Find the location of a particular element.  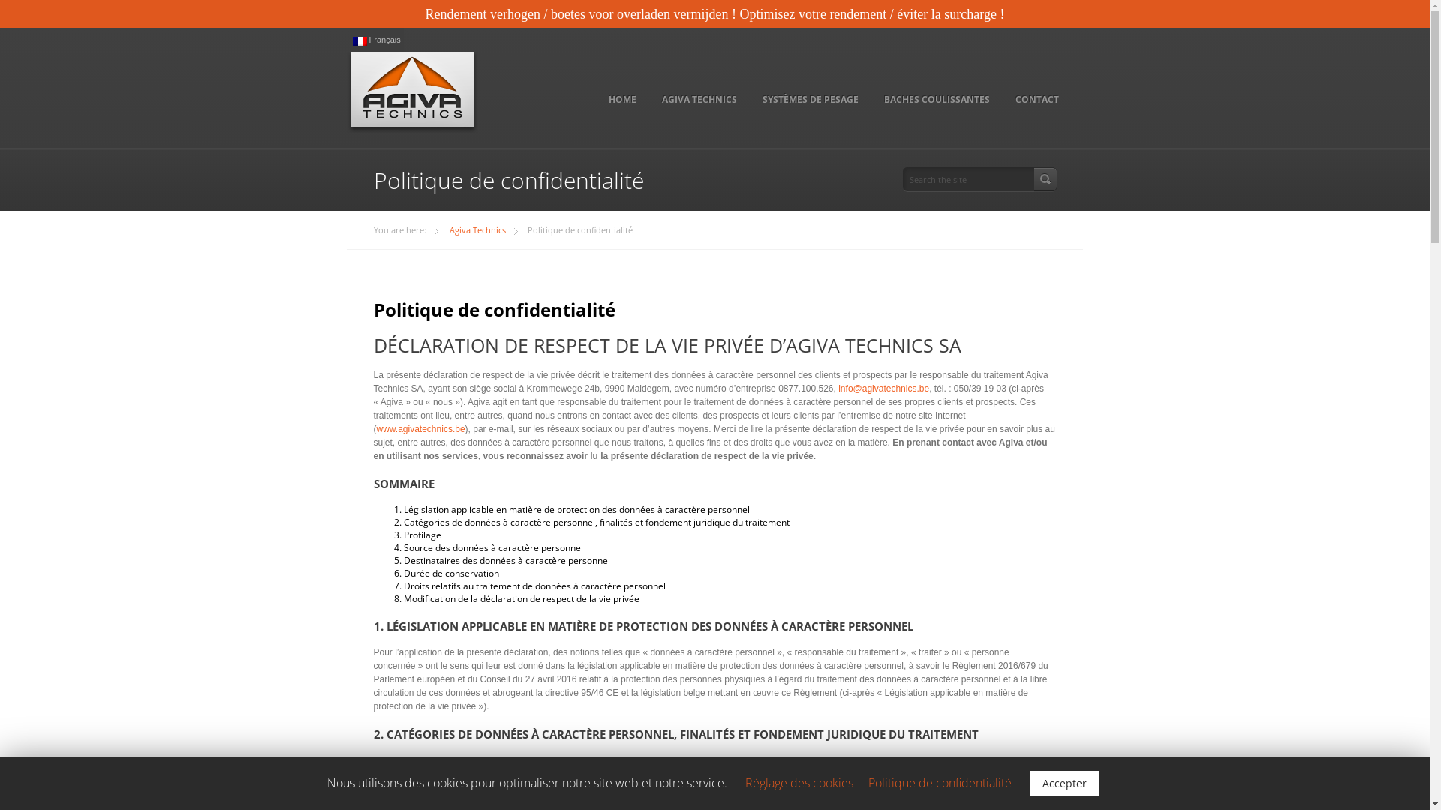

'HOME' is located at coordinates (622, 99).